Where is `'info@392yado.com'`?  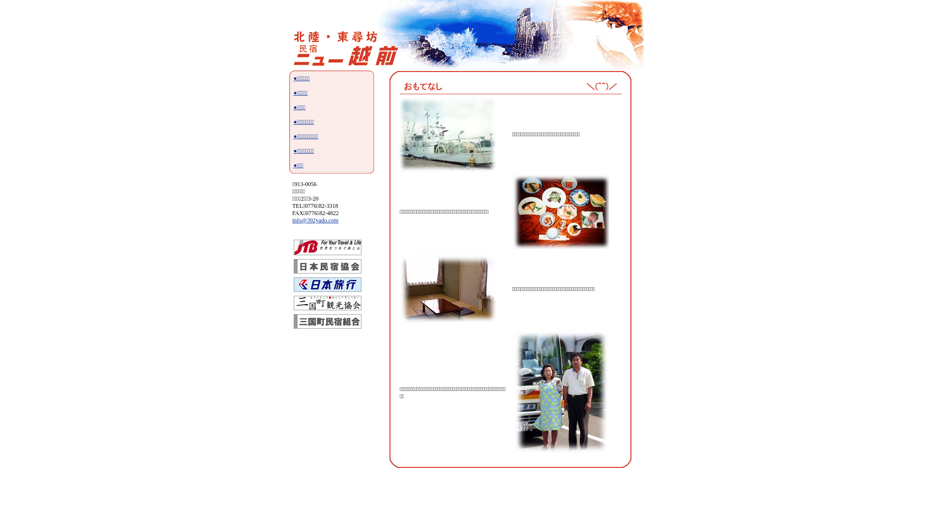 'info@392yado.com' is located at coordinates (292, 220).